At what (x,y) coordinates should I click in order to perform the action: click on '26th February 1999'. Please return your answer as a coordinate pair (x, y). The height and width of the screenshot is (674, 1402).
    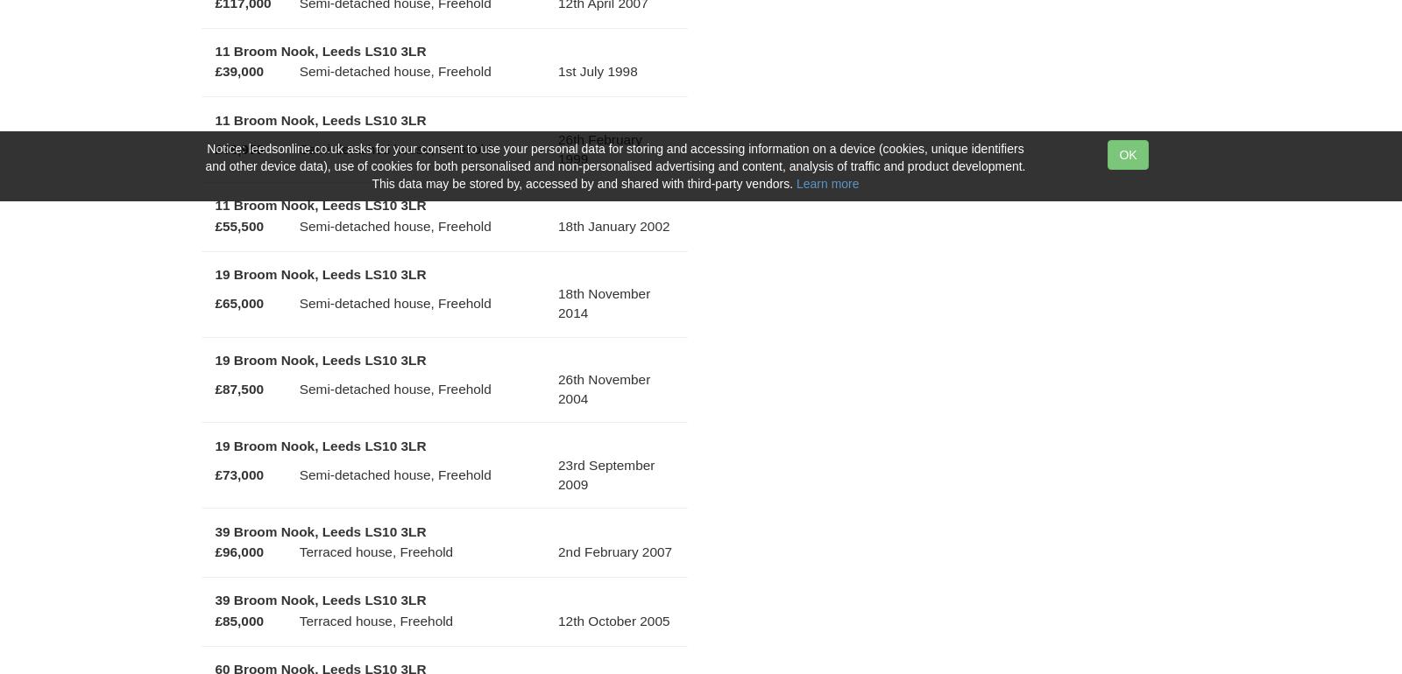
    Looking at the image, I should click on (599, 148).